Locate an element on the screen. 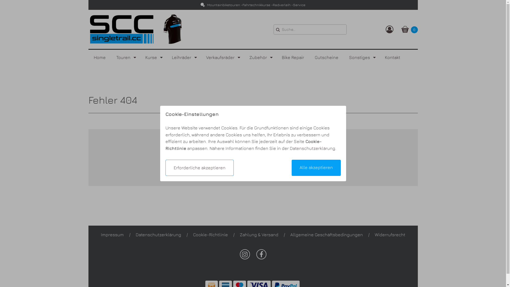  'Zahlung & Versand' is located at coordinates (259, 234).